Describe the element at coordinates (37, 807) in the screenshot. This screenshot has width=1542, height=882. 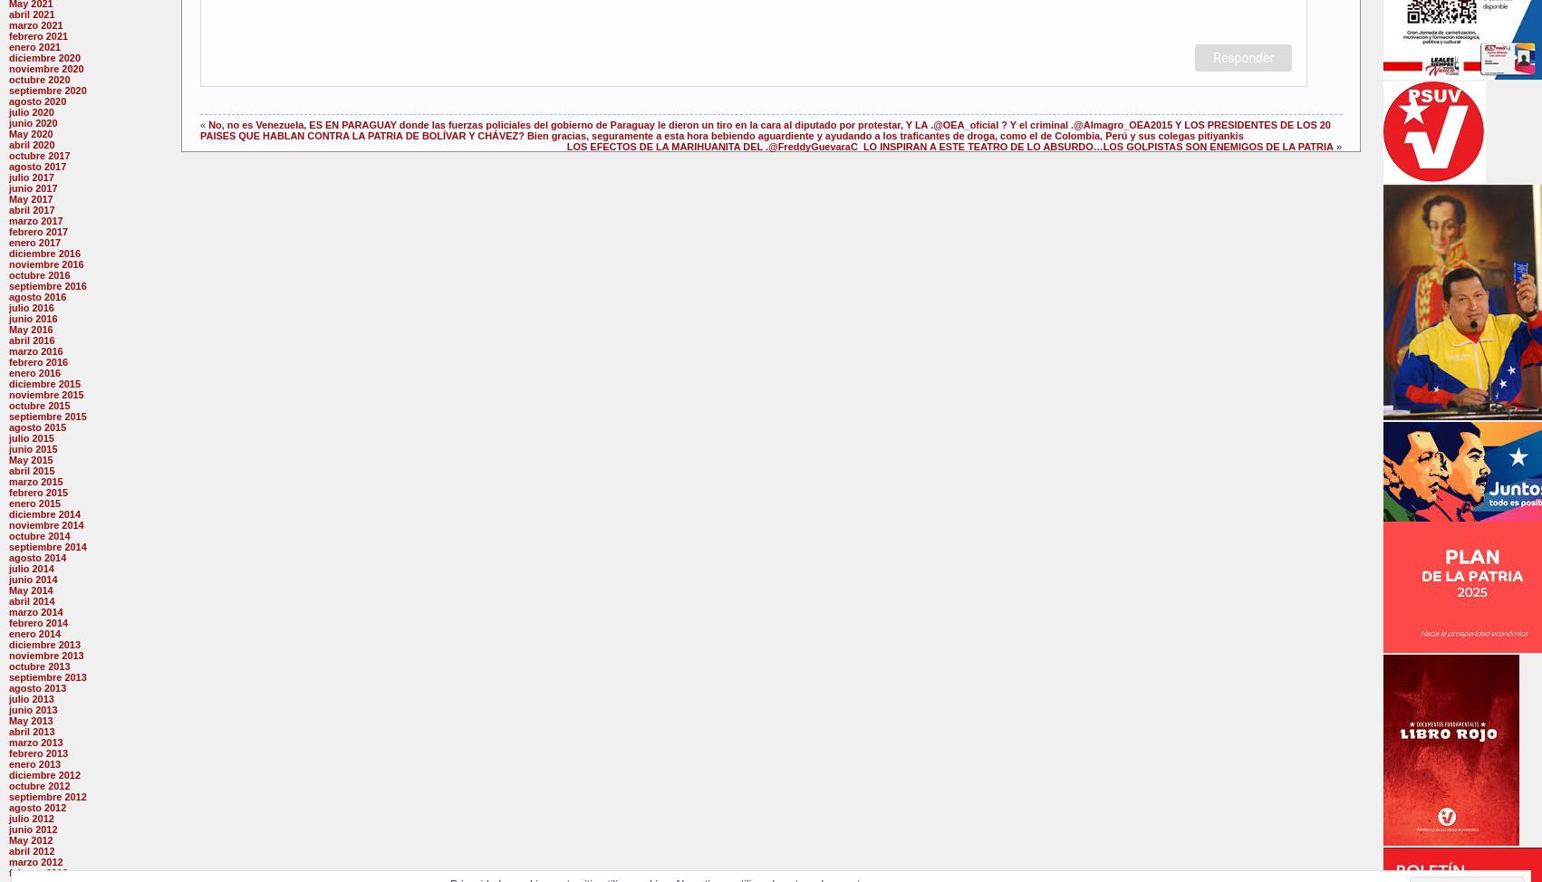
I see `'agosto 2012'` at that location.